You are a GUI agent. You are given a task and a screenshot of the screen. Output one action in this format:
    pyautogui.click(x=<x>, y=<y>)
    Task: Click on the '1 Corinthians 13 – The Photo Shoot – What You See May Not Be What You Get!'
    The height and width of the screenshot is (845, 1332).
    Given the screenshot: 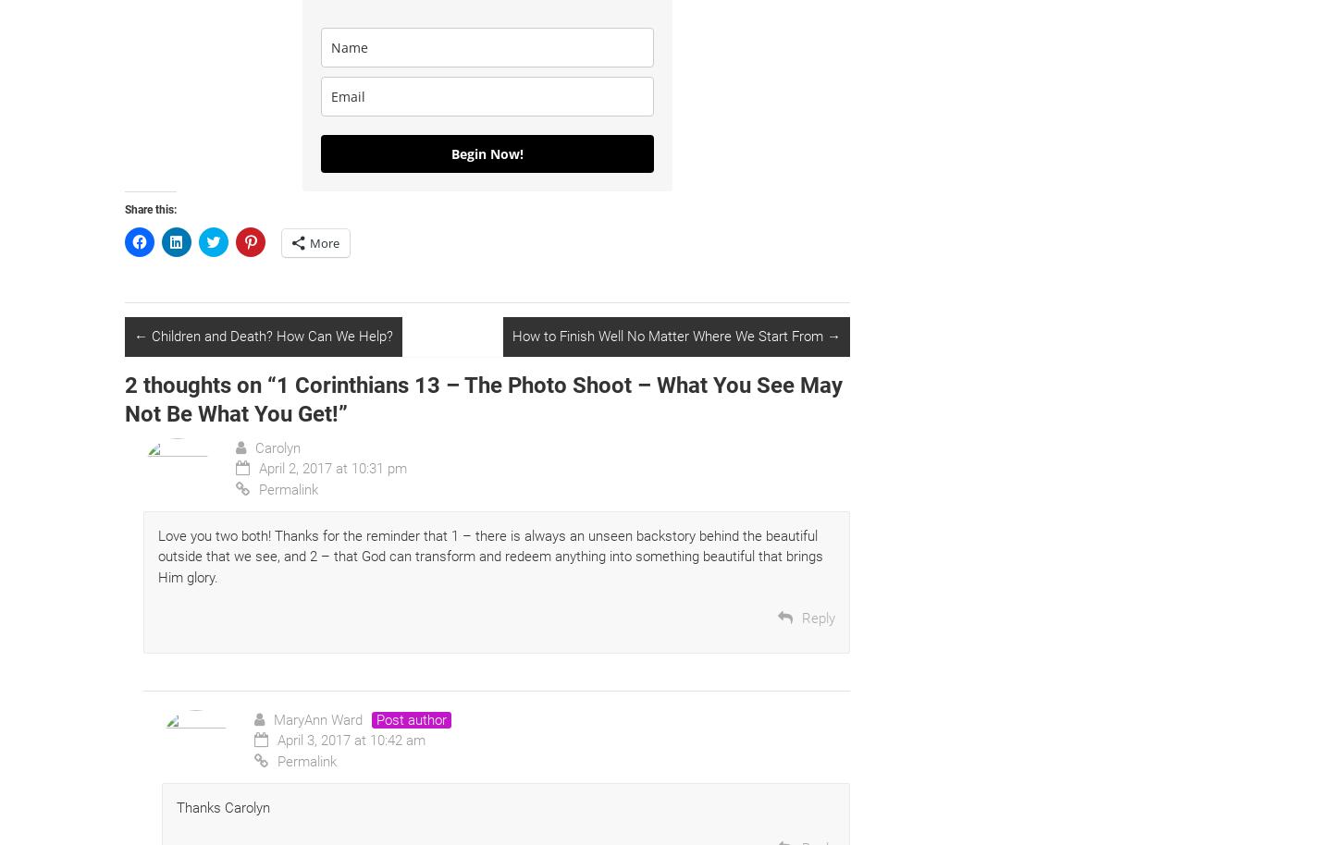 What is the action you would take?
    pyautogui.click(x=483, y=398)
    